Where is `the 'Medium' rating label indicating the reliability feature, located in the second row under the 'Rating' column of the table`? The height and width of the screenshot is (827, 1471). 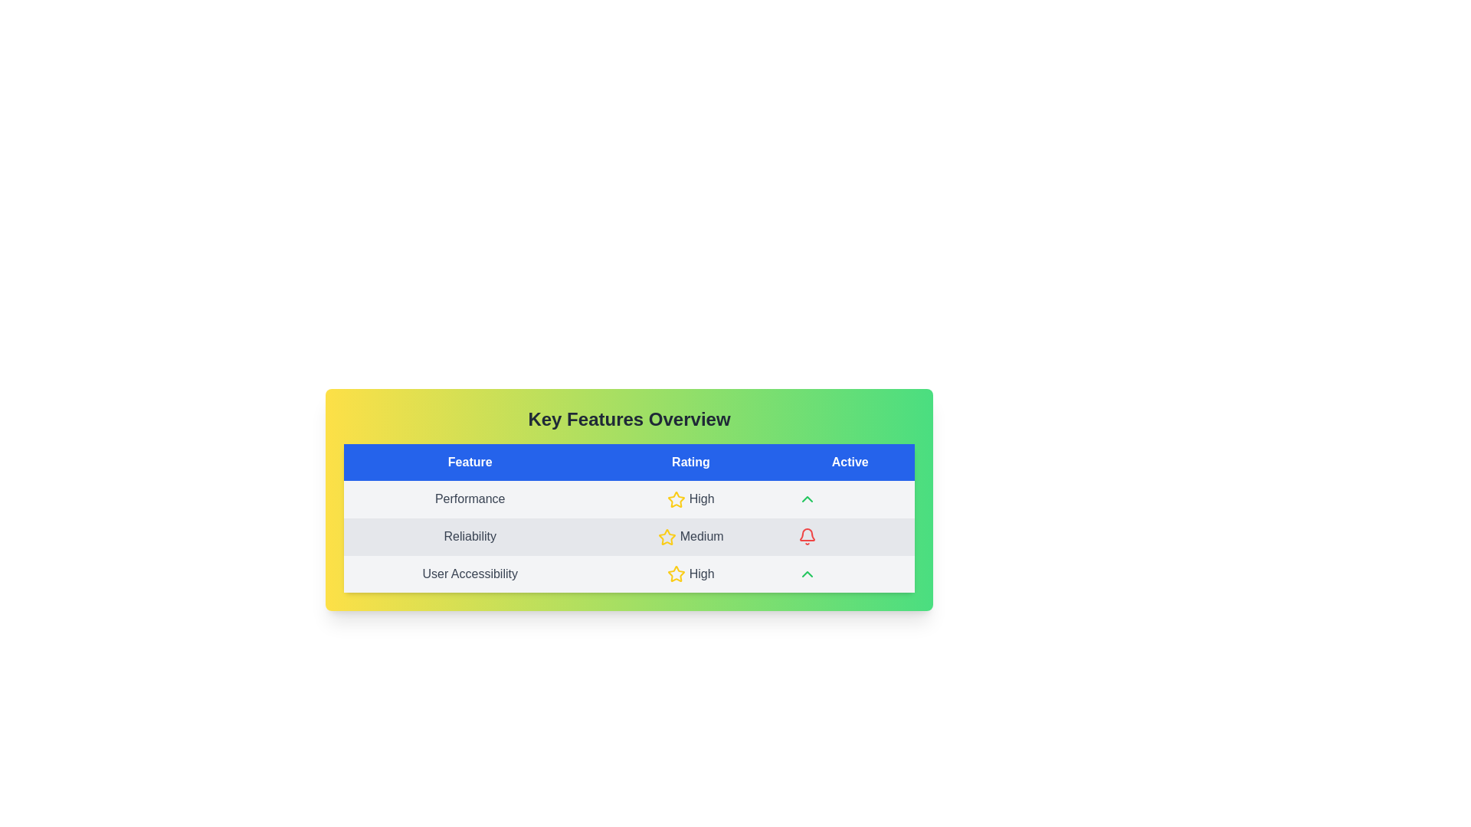 the 'Medium' rating label indicating the reliability feature, located in the second row under the 'Rating' column of the table is located at coordinates (690, 536).